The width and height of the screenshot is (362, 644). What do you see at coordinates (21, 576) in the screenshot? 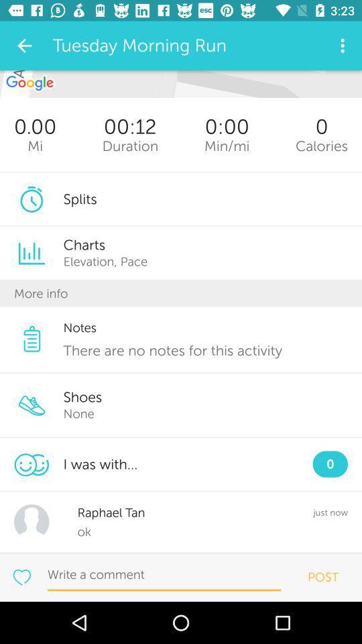
I see `mark favorite` at bounding box center [21, 576].